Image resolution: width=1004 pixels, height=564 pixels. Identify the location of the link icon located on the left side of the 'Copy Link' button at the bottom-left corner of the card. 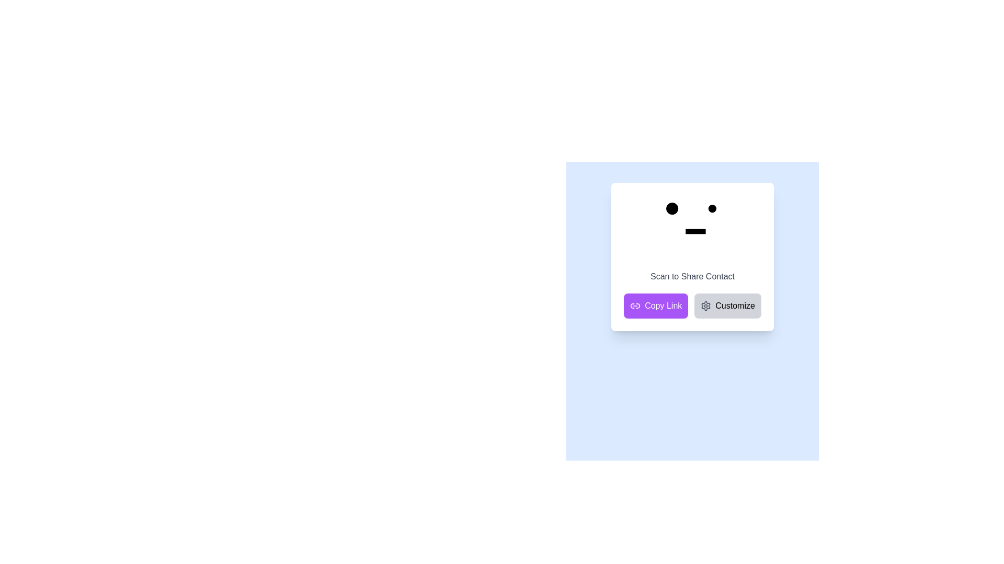
(635, 305).